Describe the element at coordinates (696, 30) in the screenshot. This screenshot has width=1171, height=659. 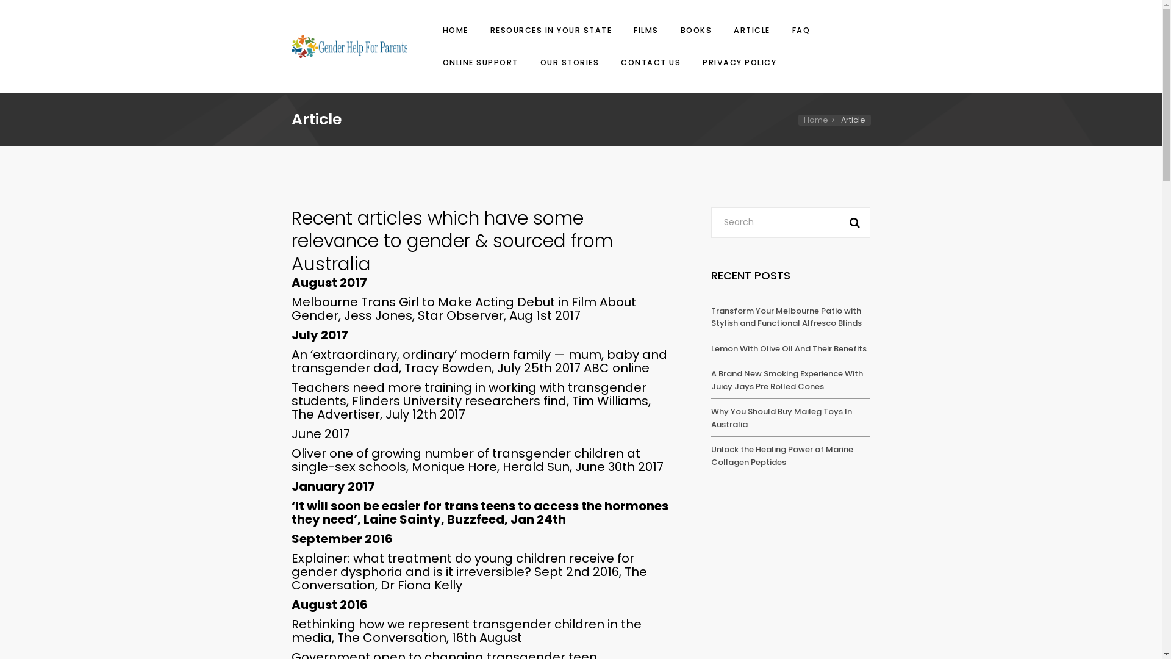
I see `'BOOKS'` at that location.